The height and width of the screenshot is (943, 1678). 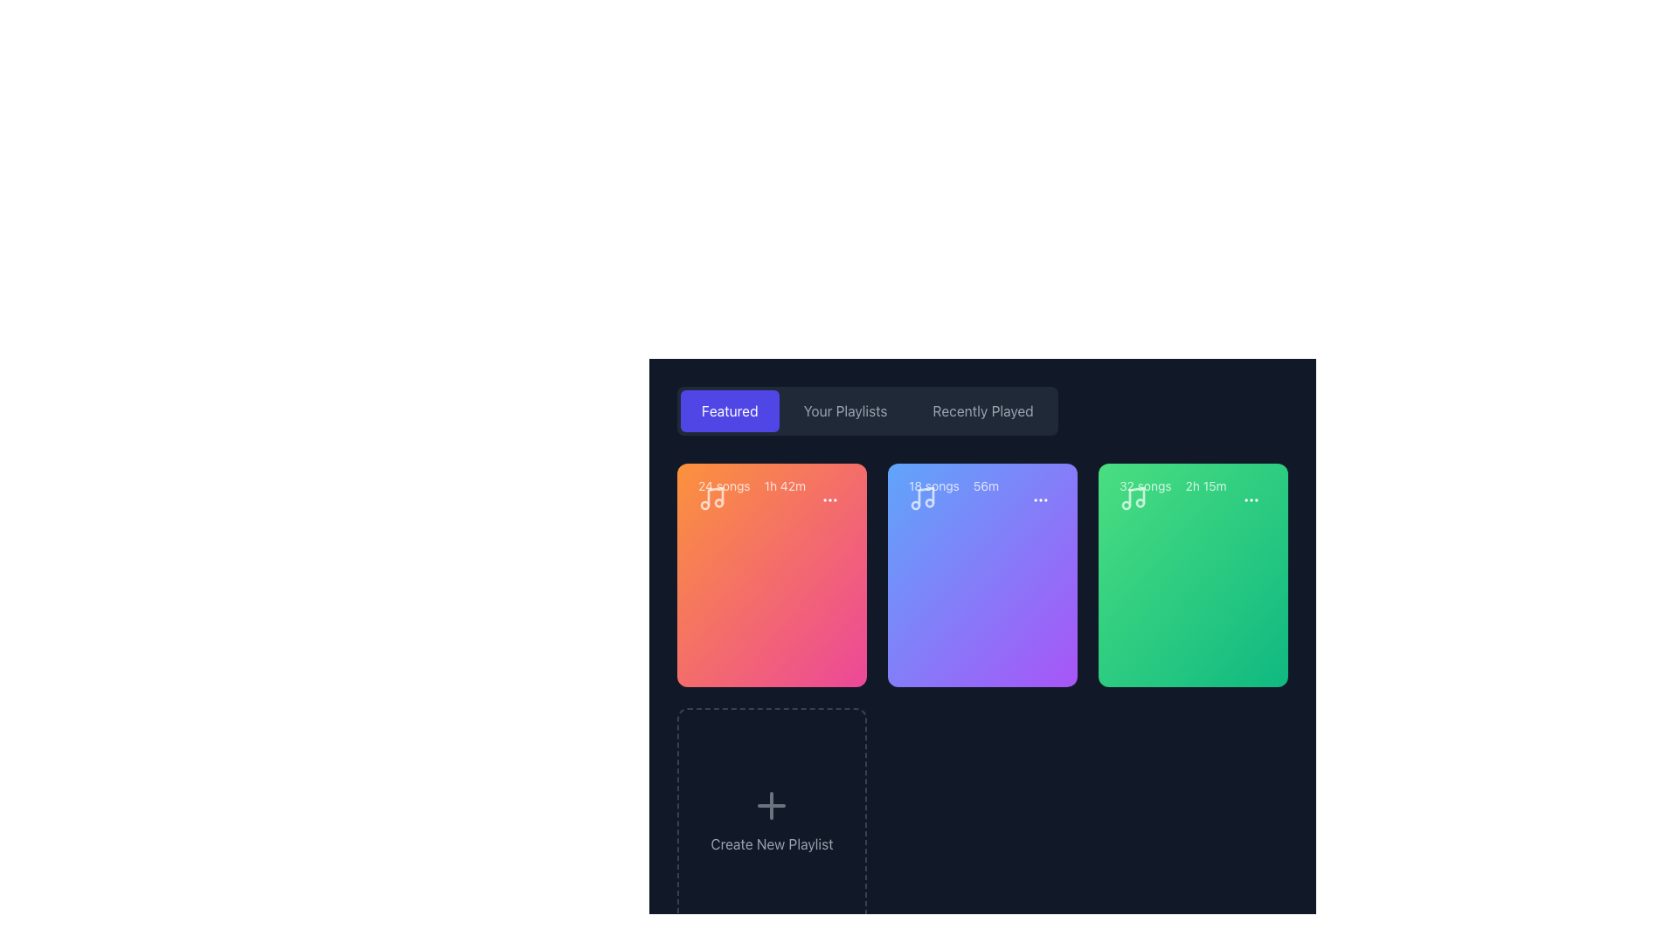 I want to click on the circular button with an ellipsis icon in the upper-right corner of the blue card, so click(x=1040, y=500).